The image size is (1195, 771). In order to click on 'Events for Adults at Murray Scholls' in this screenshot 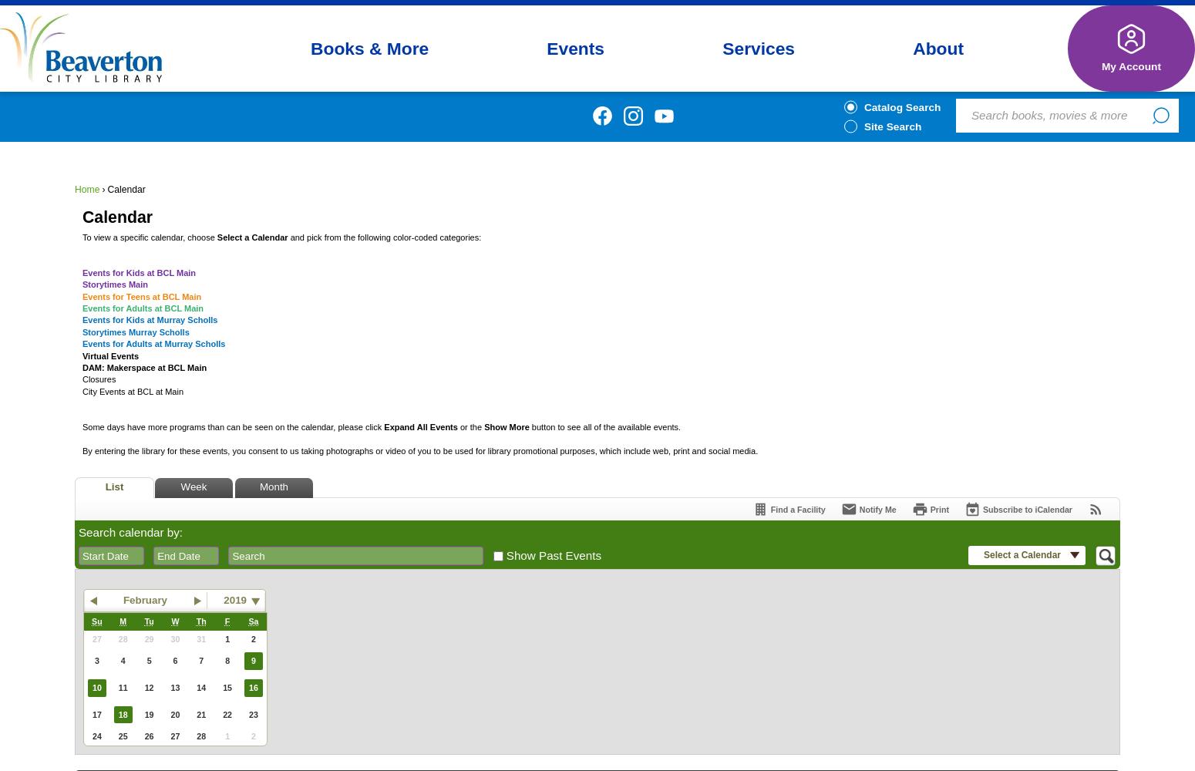, I will do `click(153, 343)`.